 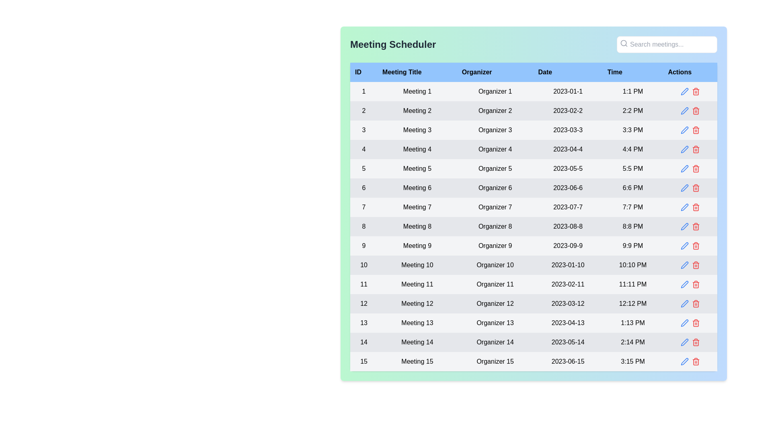 What do you see at coordinates (363, 226) in the screenshot?
I see `the Label displaying the number '8' in bold text, which is located in the ID column of the 8th row within the 'Meeting 8' details` at bounding box center [363, 226].